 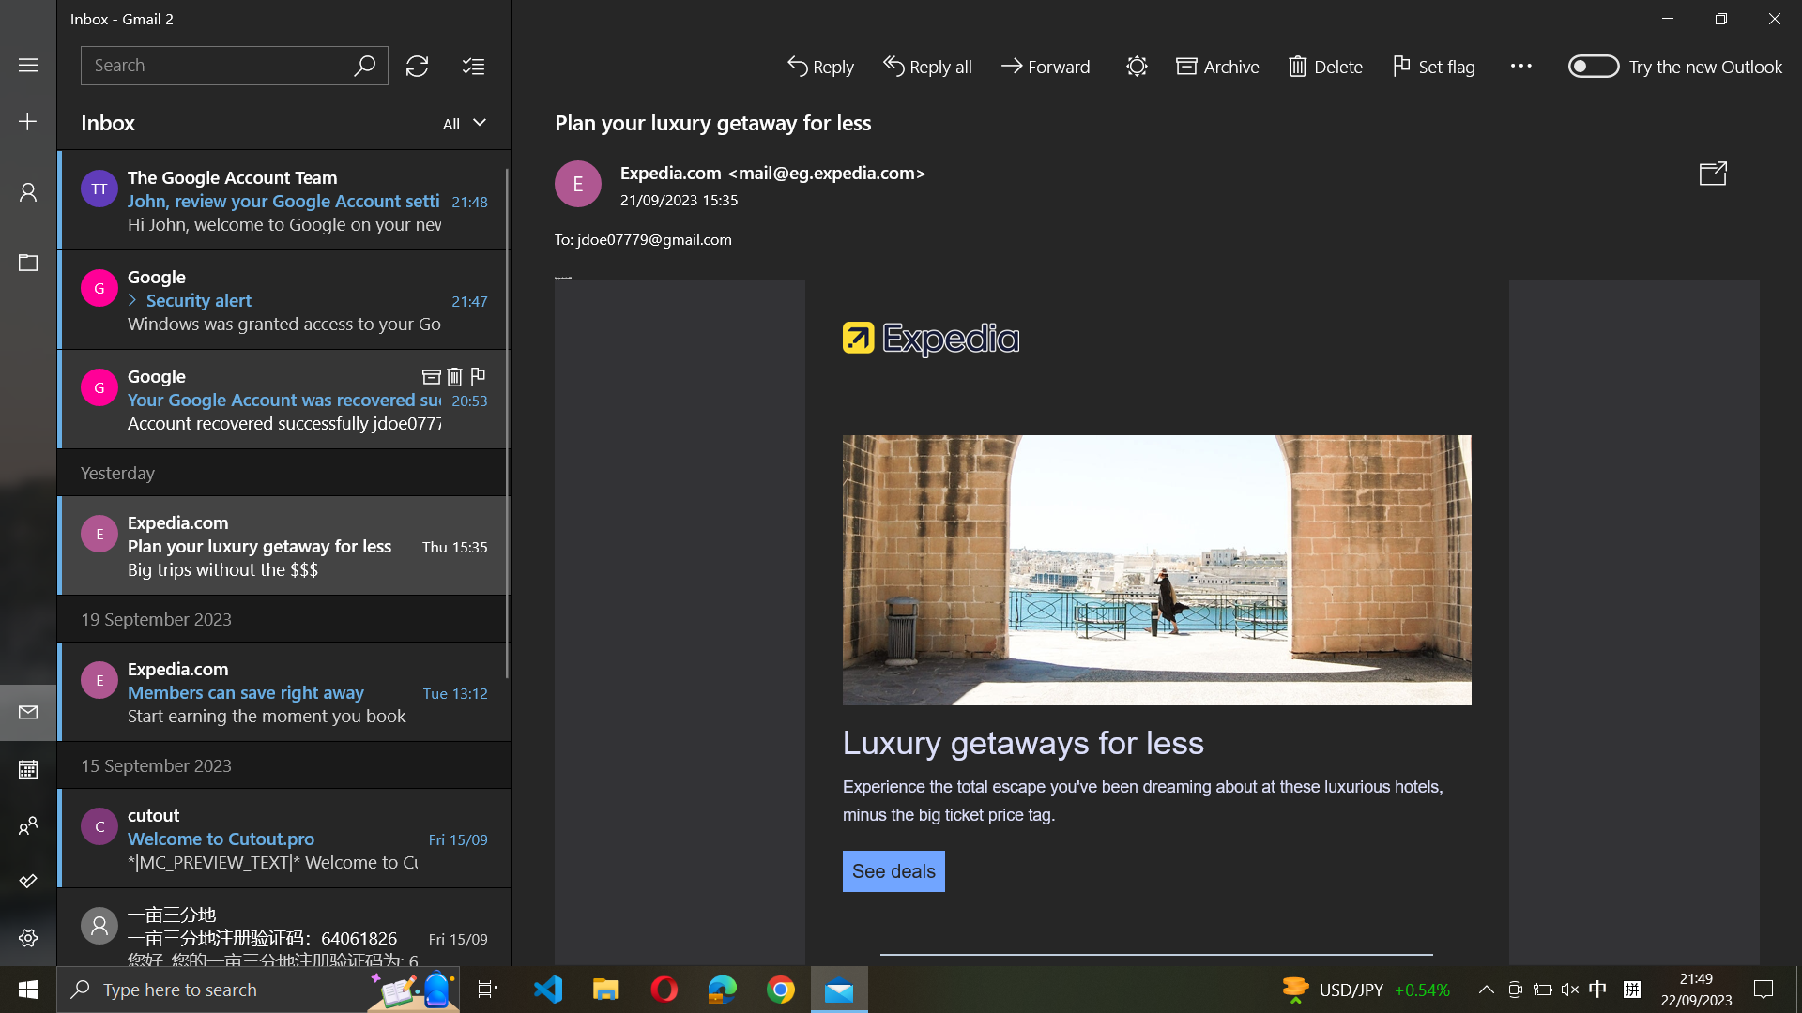 I want to click on the initial email in the inbox, so click(x=283, y=199).